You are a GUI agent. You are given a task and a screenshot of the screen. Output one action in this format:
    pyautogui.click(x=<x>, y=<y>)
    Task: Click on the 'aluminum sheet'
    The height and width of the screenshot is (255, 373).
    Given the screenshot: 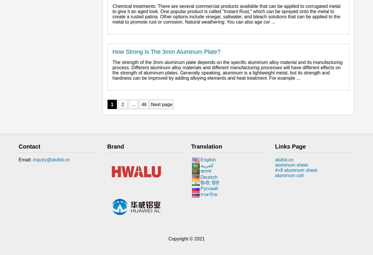 What is the action you would take?
    pyautogui.click(x=291, y=165)
    